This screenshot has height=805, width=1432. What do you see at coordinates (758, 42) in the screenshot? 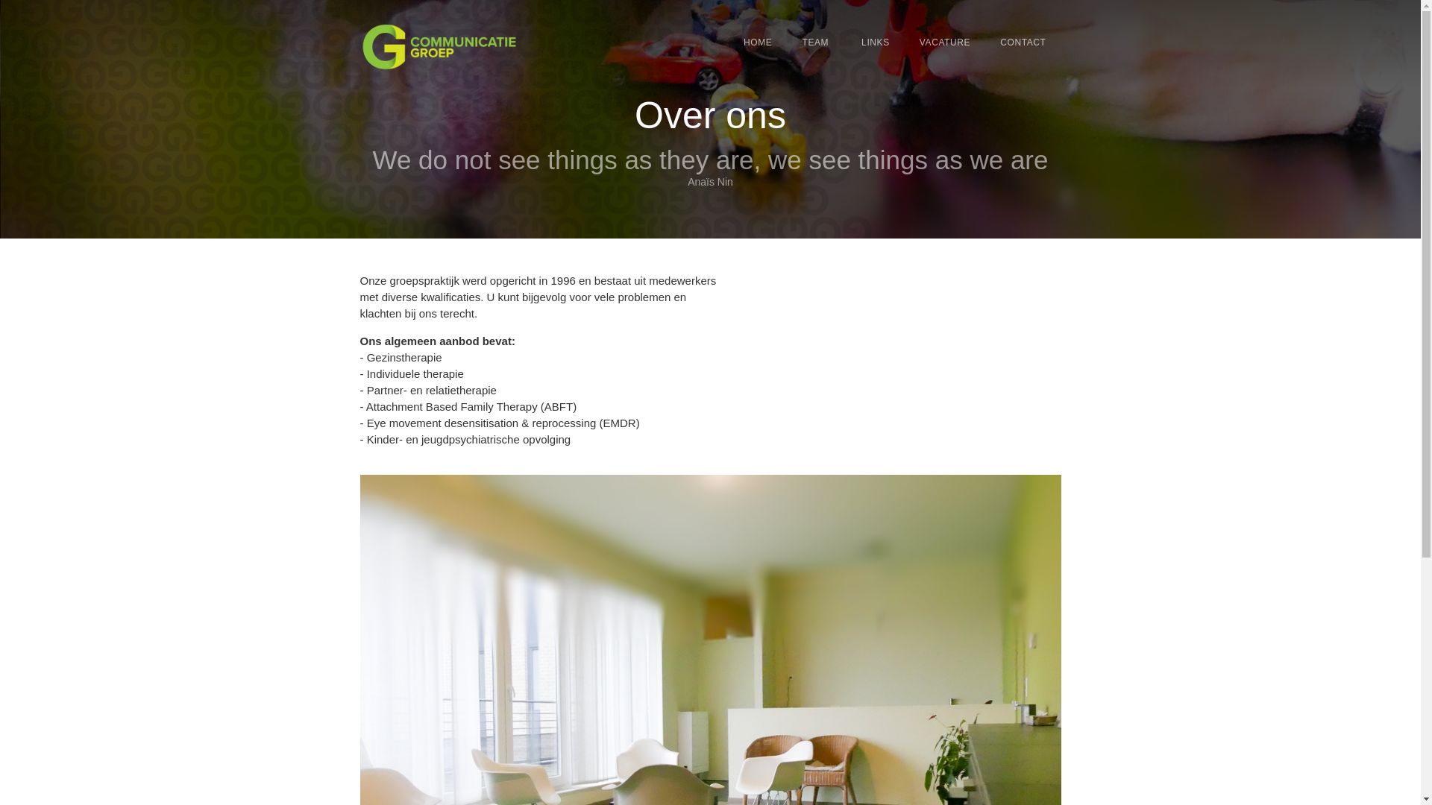
I see `'HOME'` at bounding box center [758, 42].